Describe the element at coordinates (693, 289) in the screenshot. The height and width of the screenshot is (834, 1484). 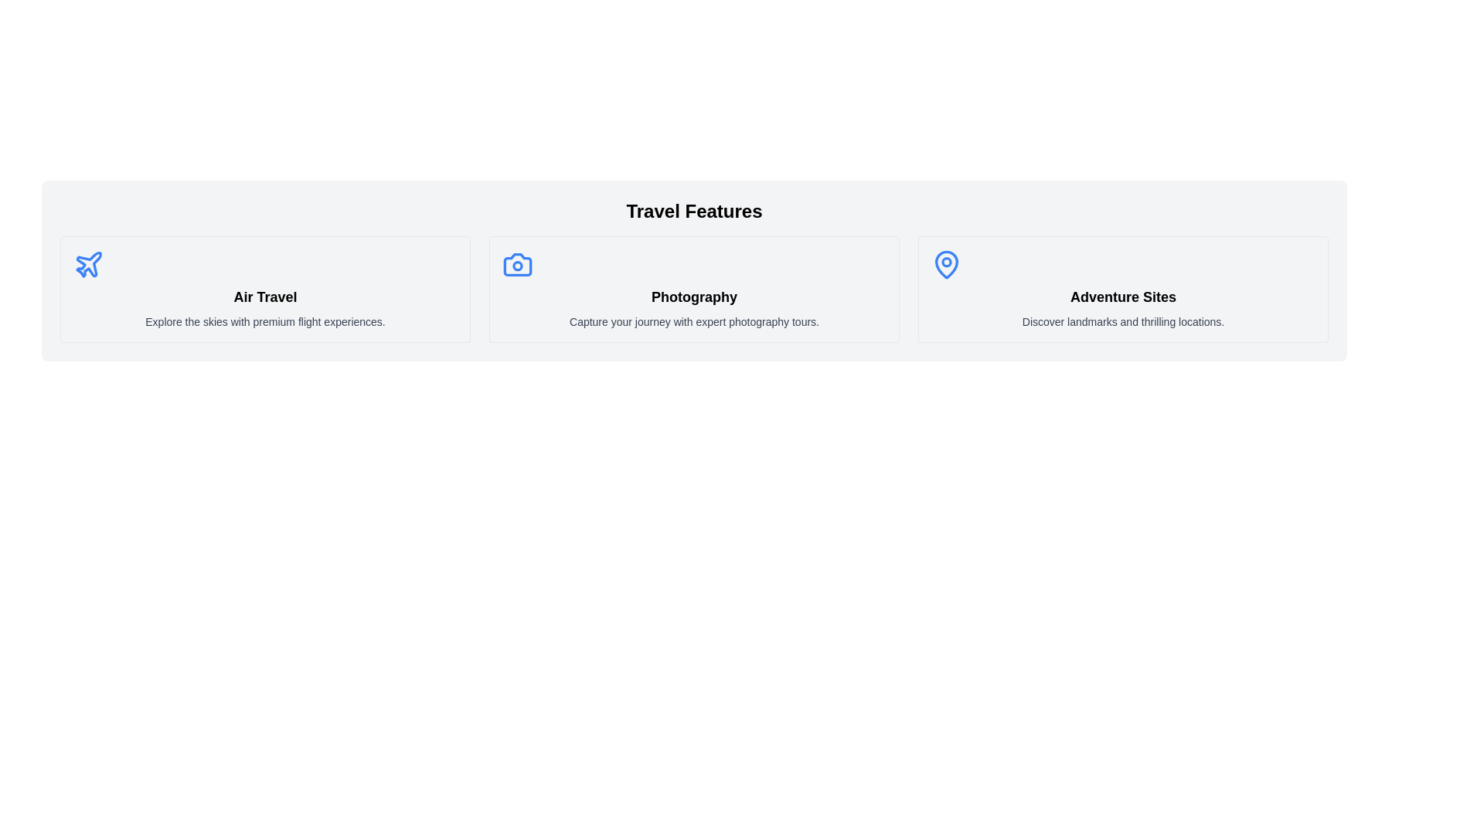
I see `the photography tour offerings card, which is the second card in a row of three` at that location.